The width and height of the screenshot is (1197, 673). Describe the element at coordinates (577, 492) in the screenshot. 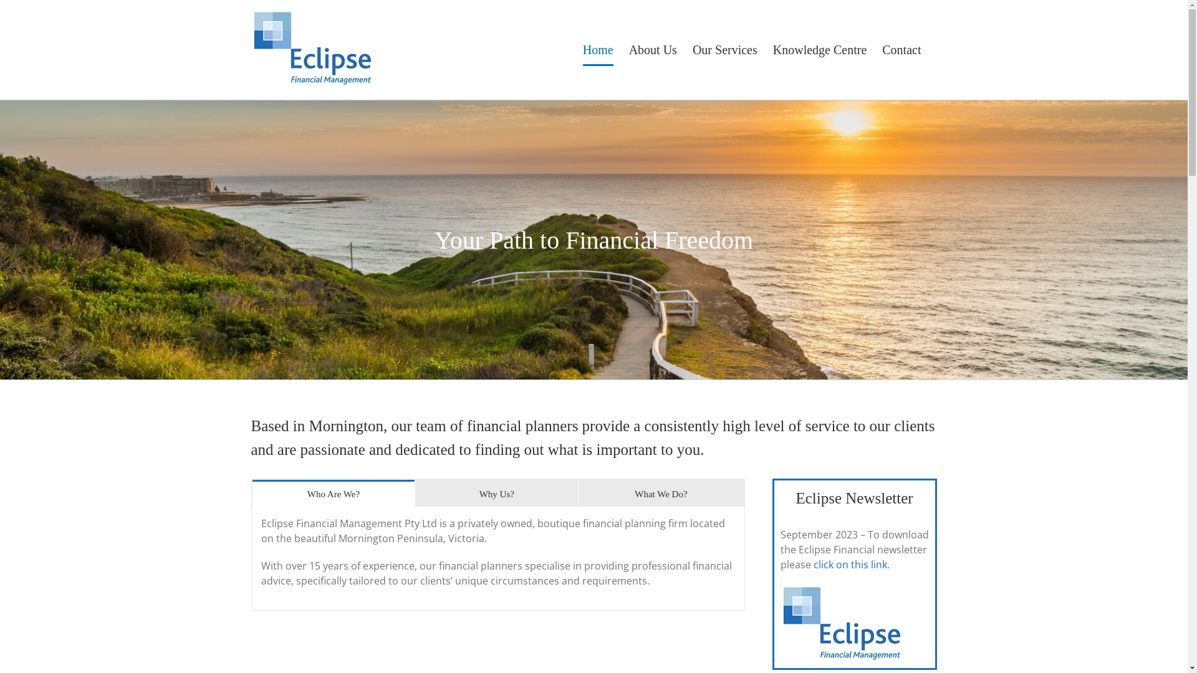

I see `'What We Do?'` at that location.